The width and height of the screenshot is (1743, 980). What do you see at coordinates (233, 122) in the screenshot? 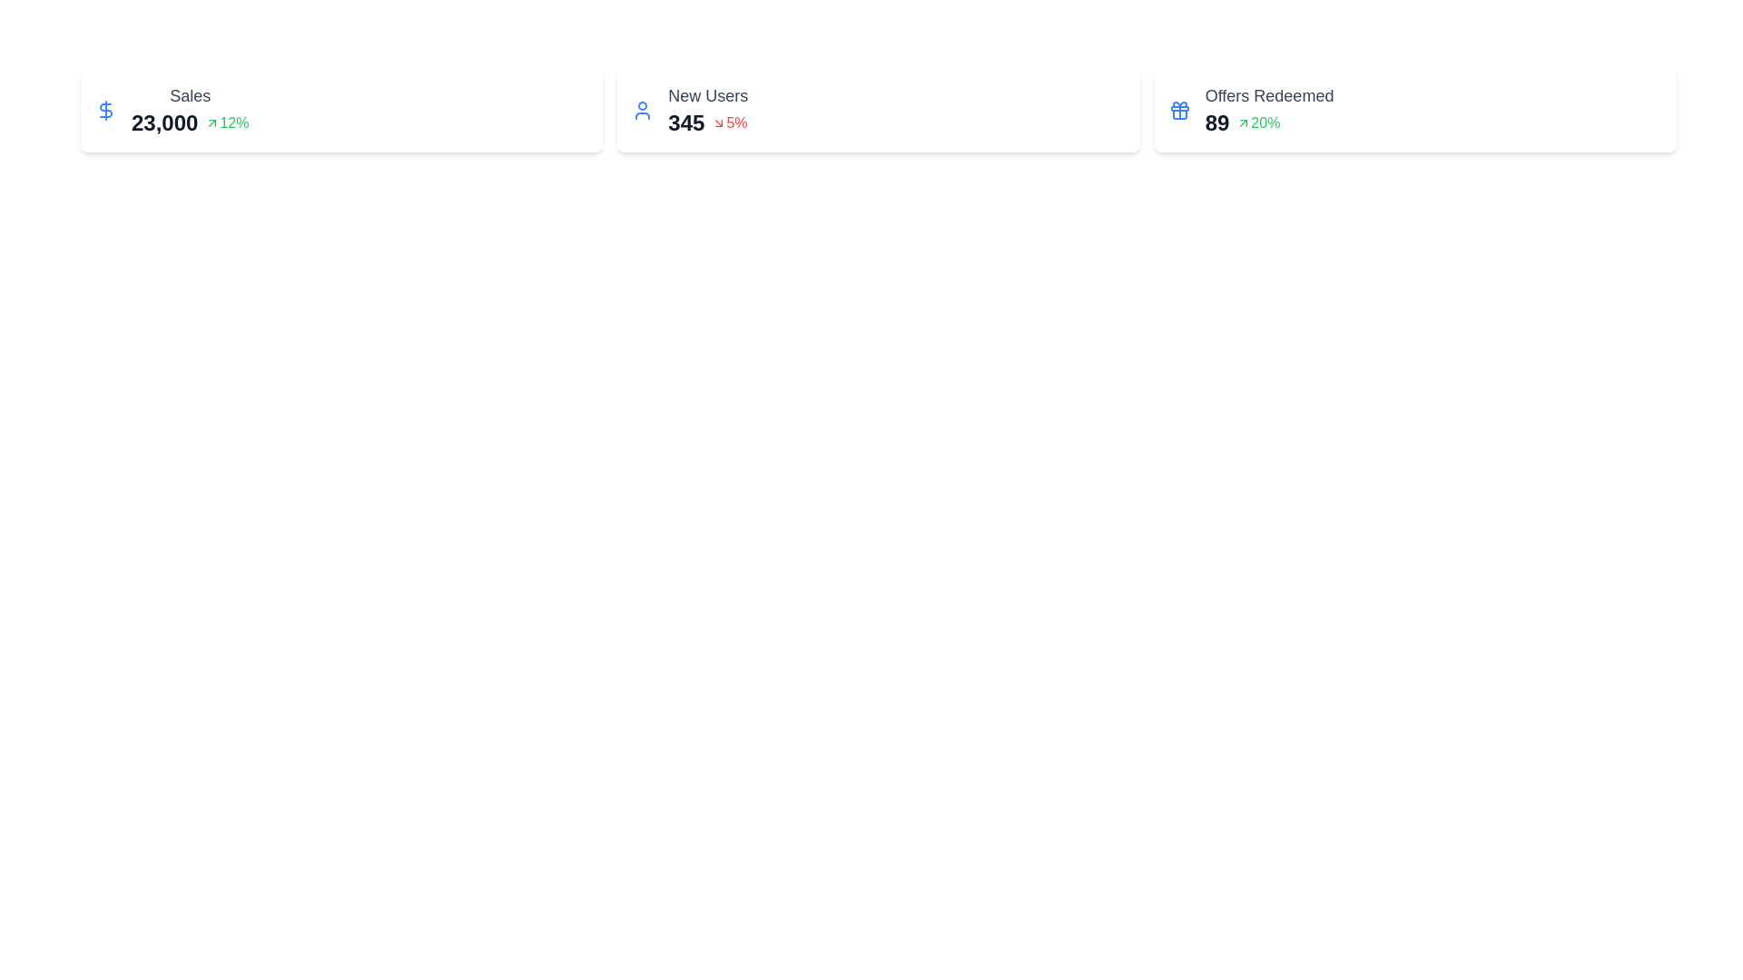
I see `the green-styled text label displaying '12%' located within the first information card, to the right of the green upward arrow icon and under the strings '$' and 'Sales'` at bounding box center [233, 122].